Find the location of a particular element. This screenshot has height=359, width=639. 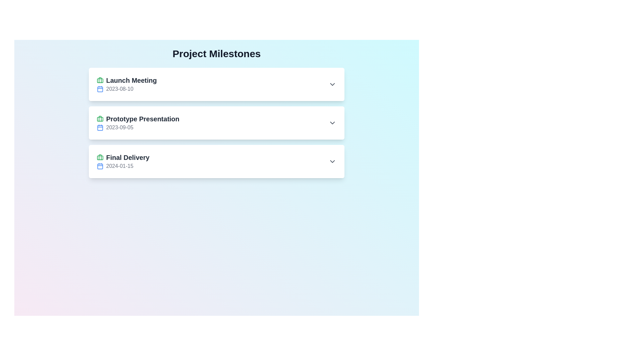

the milestone summary block, which is the first item in the list under 'Project Milestones' is located at coordinates (217, 84).